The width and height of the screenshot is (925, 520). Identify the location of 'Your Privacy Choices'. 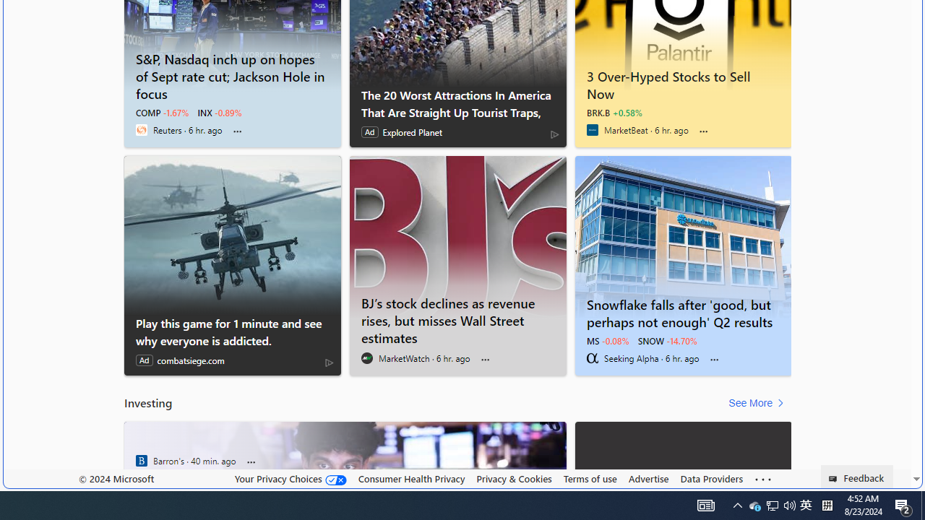
(289, 478).